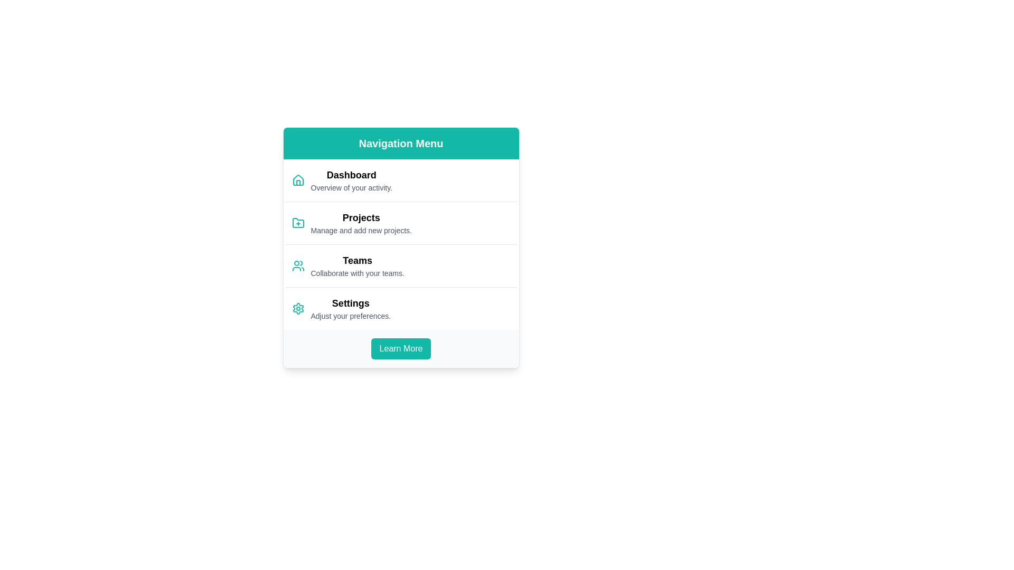 The image size is (1014, 570). What do you see at coordinates (351, 187) in the screenshot?
I see `the static text label that reads 'Overview of your activity', which is styled in a smaller gray font and is positioned directly beneath the 'Dashboard' label in the vertical navigation menu` at bounding box center [351, 187].